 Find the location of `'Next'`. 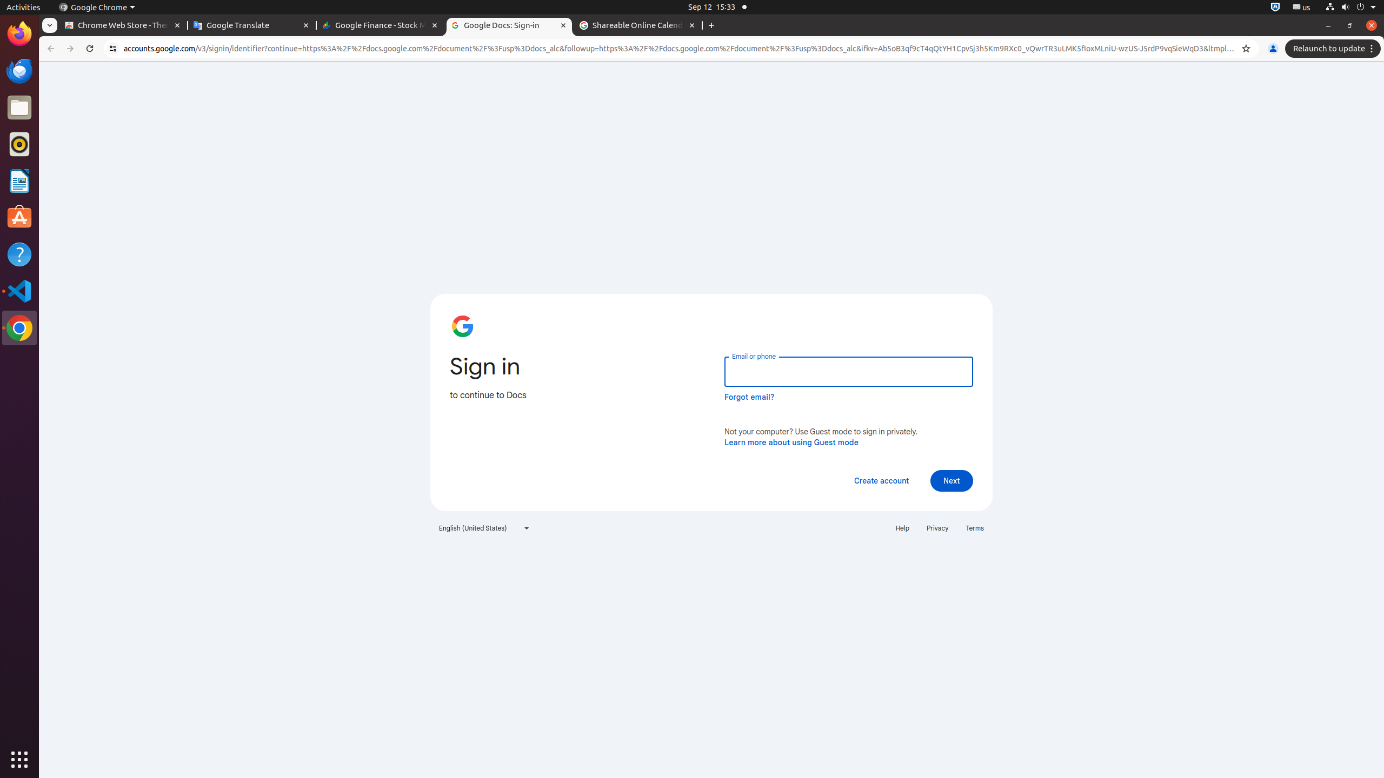

'Next' is located at coordinates (951, 480).